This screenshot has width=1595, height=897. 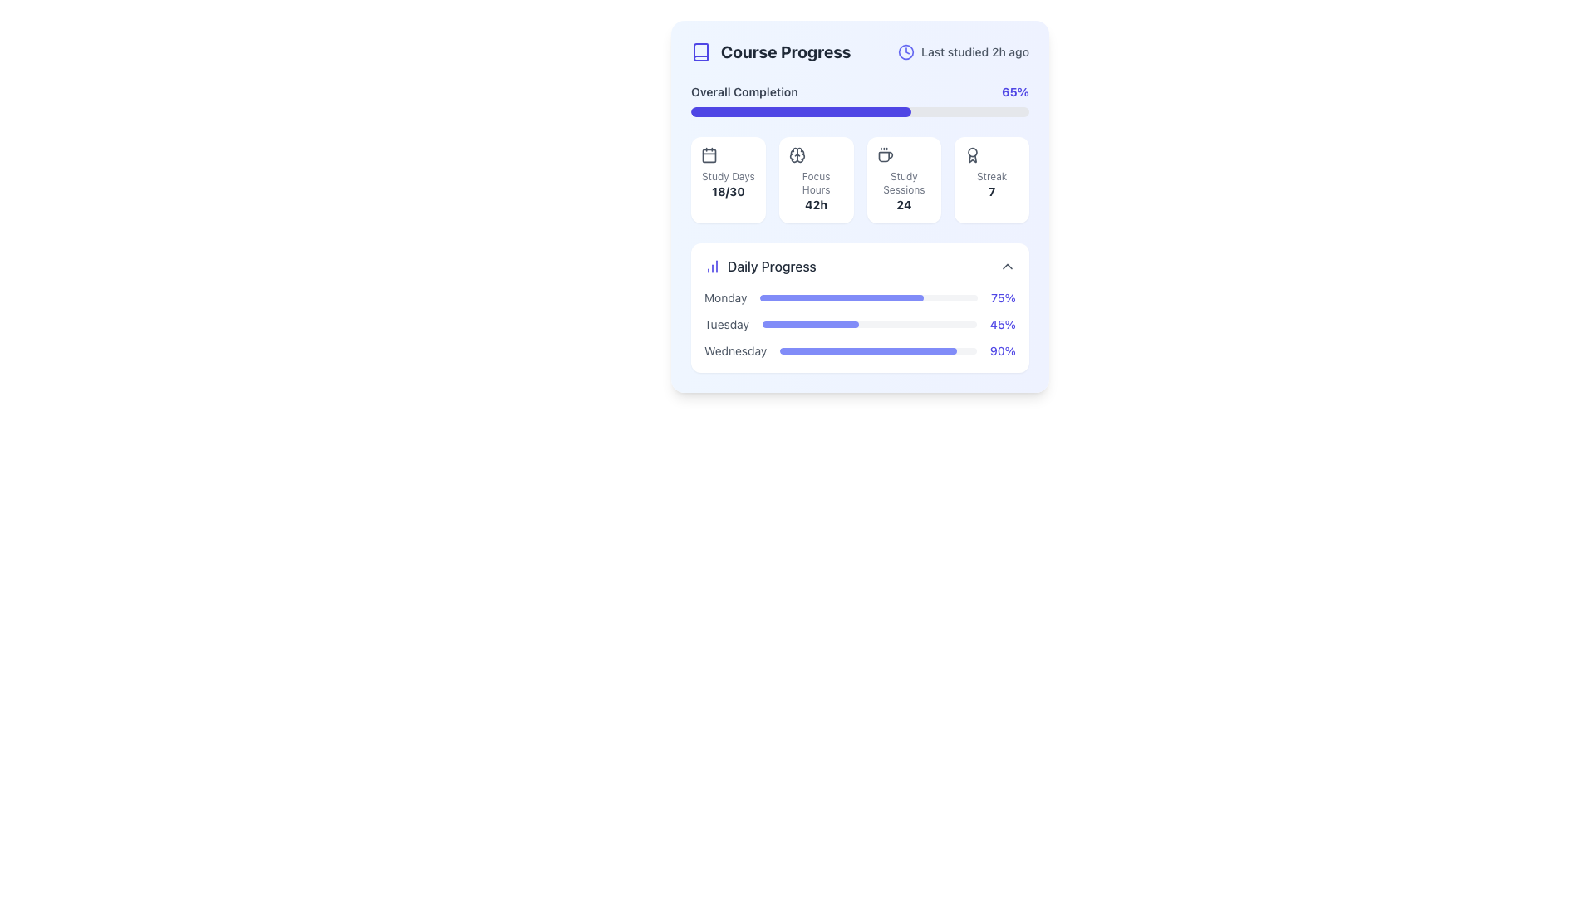 I want to click on the progress bar indicating the course completion, located below the 'Overall Completion' title and '65%' text within the 'Course Progress' box, so click(x=860, y=112).